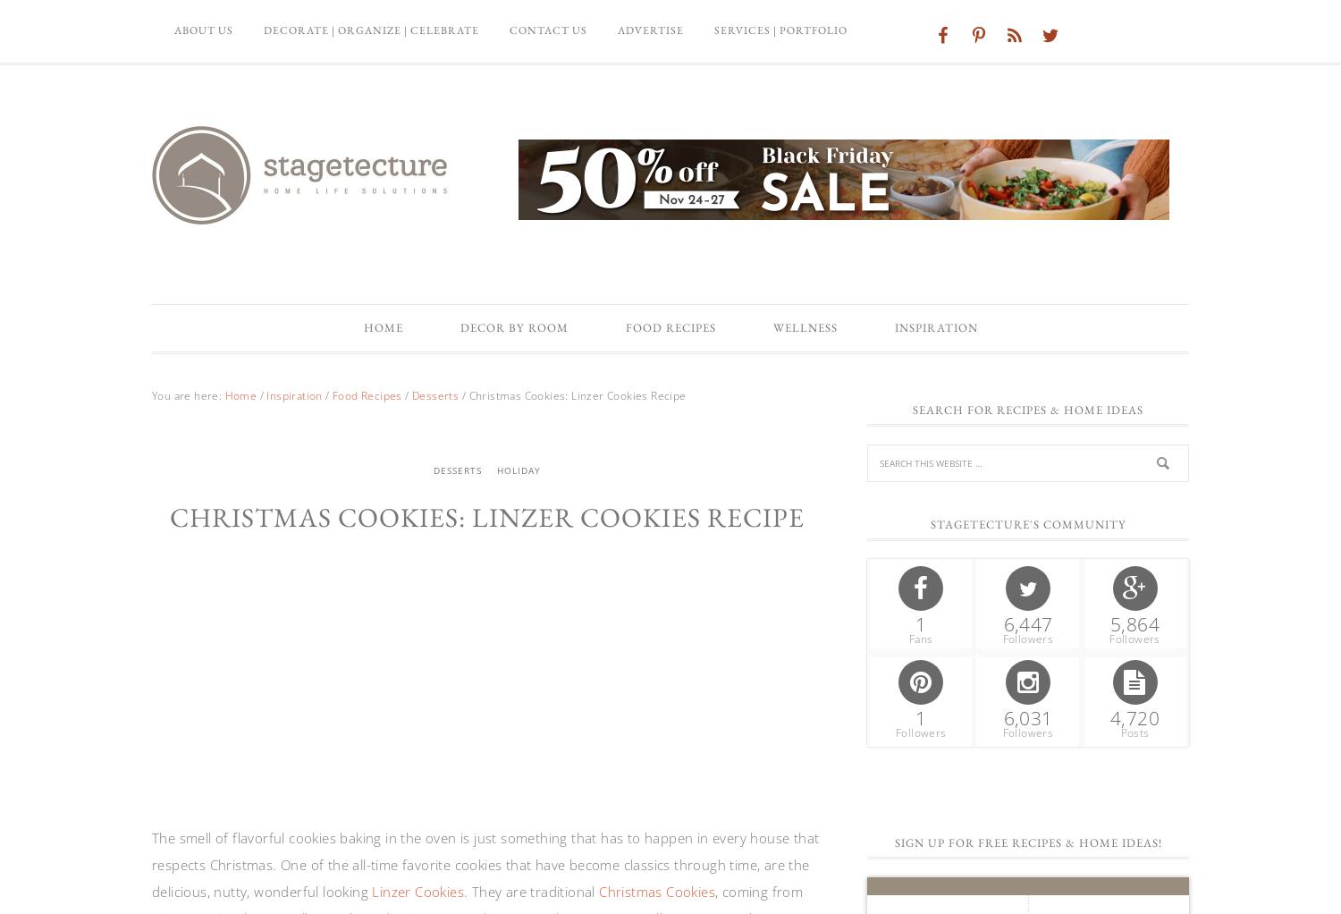 This screenshot has width=1341, height=914. I want to click on 'Food Recipes', so click(624, 326).